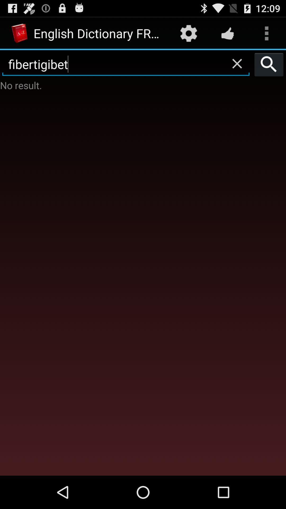  I want to click on the item to the right of the english dictionary free app, so click(188, 33).